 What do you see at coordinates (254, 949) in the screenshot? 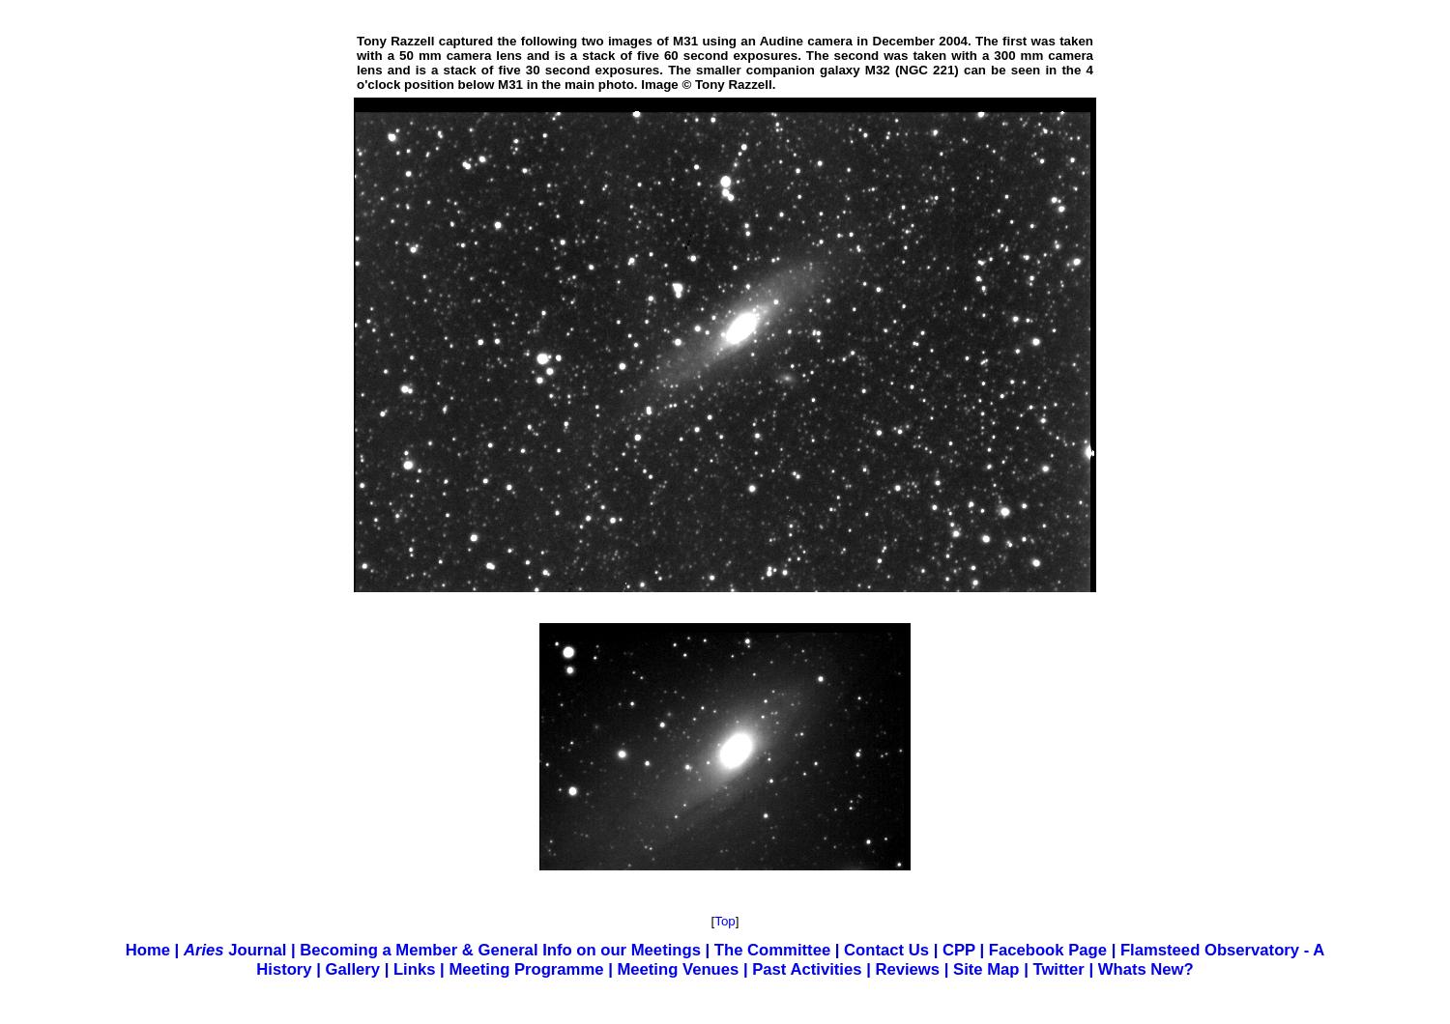
I see `'Journal'` at bounding box center [254, 949].